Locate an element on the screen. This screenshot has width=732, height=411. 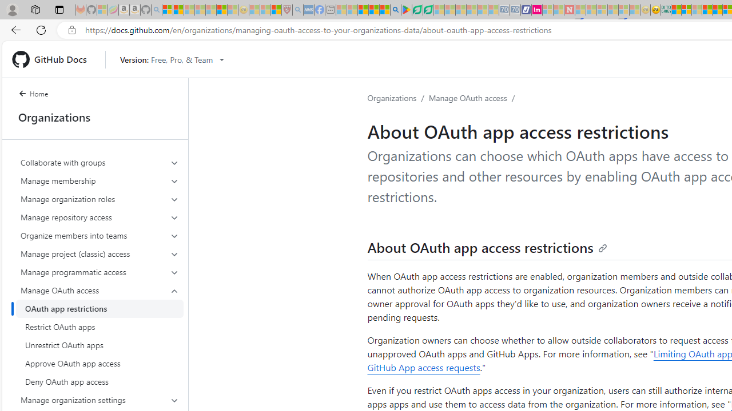
'Organizations' is located at coordinates (392, 97).